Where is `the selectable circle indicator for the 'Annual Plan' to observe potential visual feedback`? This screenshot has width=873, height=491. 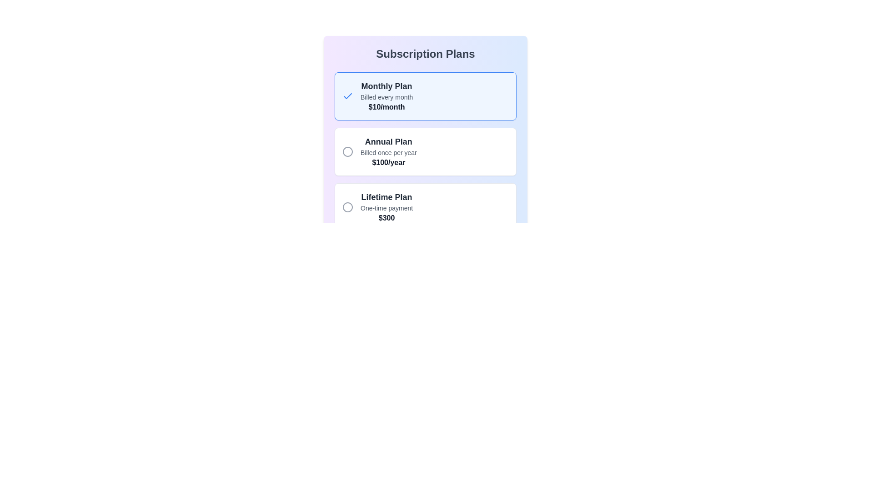
the selectable circle indicator for the 'Annual Plan' to observe potential visual feedback is located at coordinates (347, 151).